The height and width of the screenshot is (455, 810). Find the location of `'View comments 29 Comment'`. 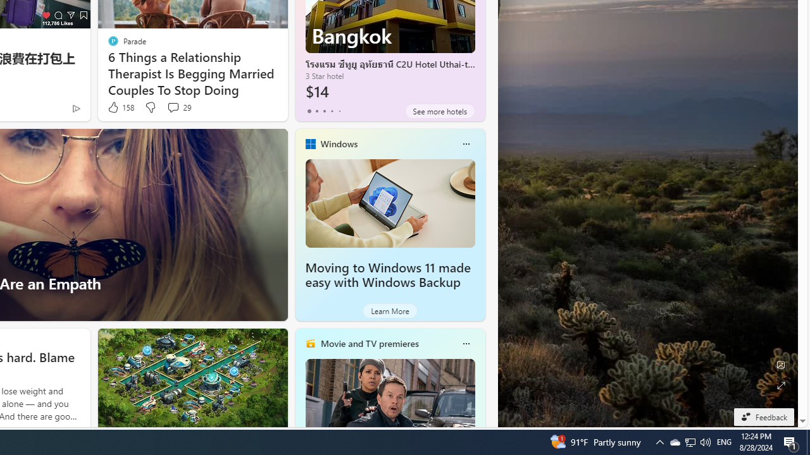

'View comments 29 Comment' is located at coordinates (172, 106).